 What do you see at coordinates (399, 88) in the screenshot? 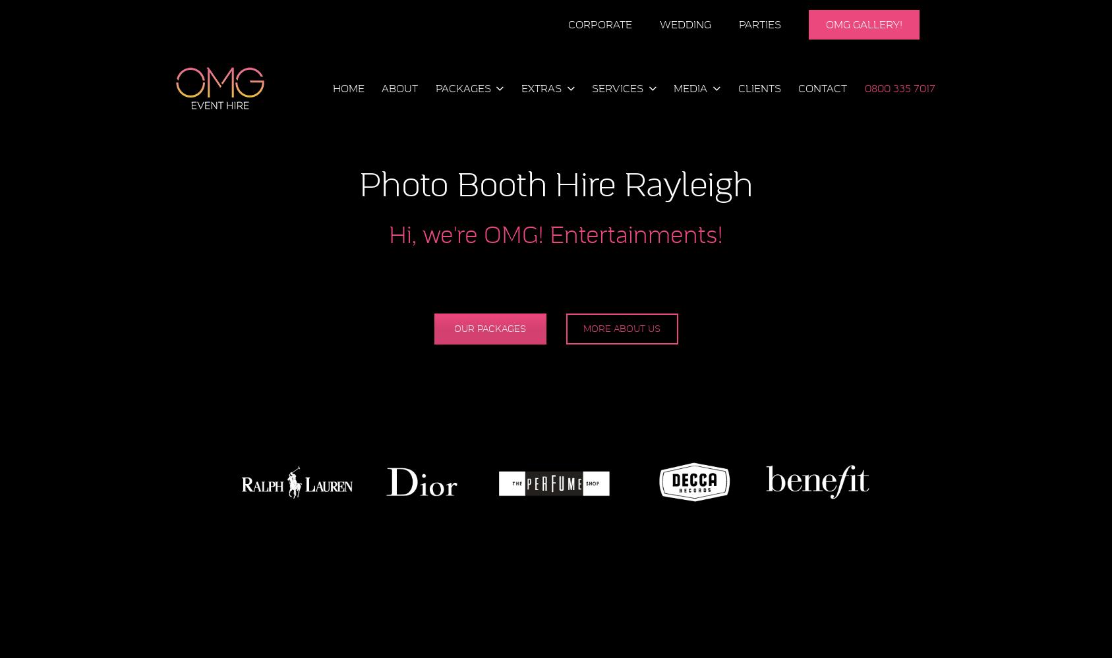
I see `'ABOUT'` at bounding box center [399, 88].